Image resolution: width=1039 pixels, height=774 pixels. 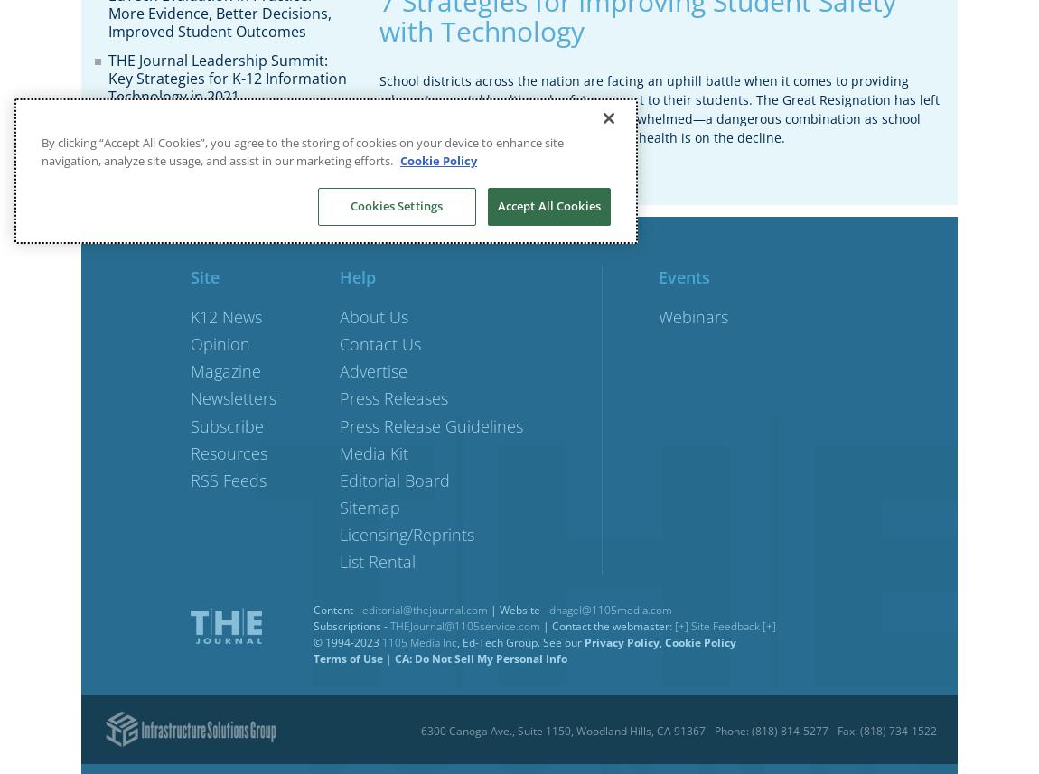 I want to click on 'Opinion', so click(x=220, y=343).